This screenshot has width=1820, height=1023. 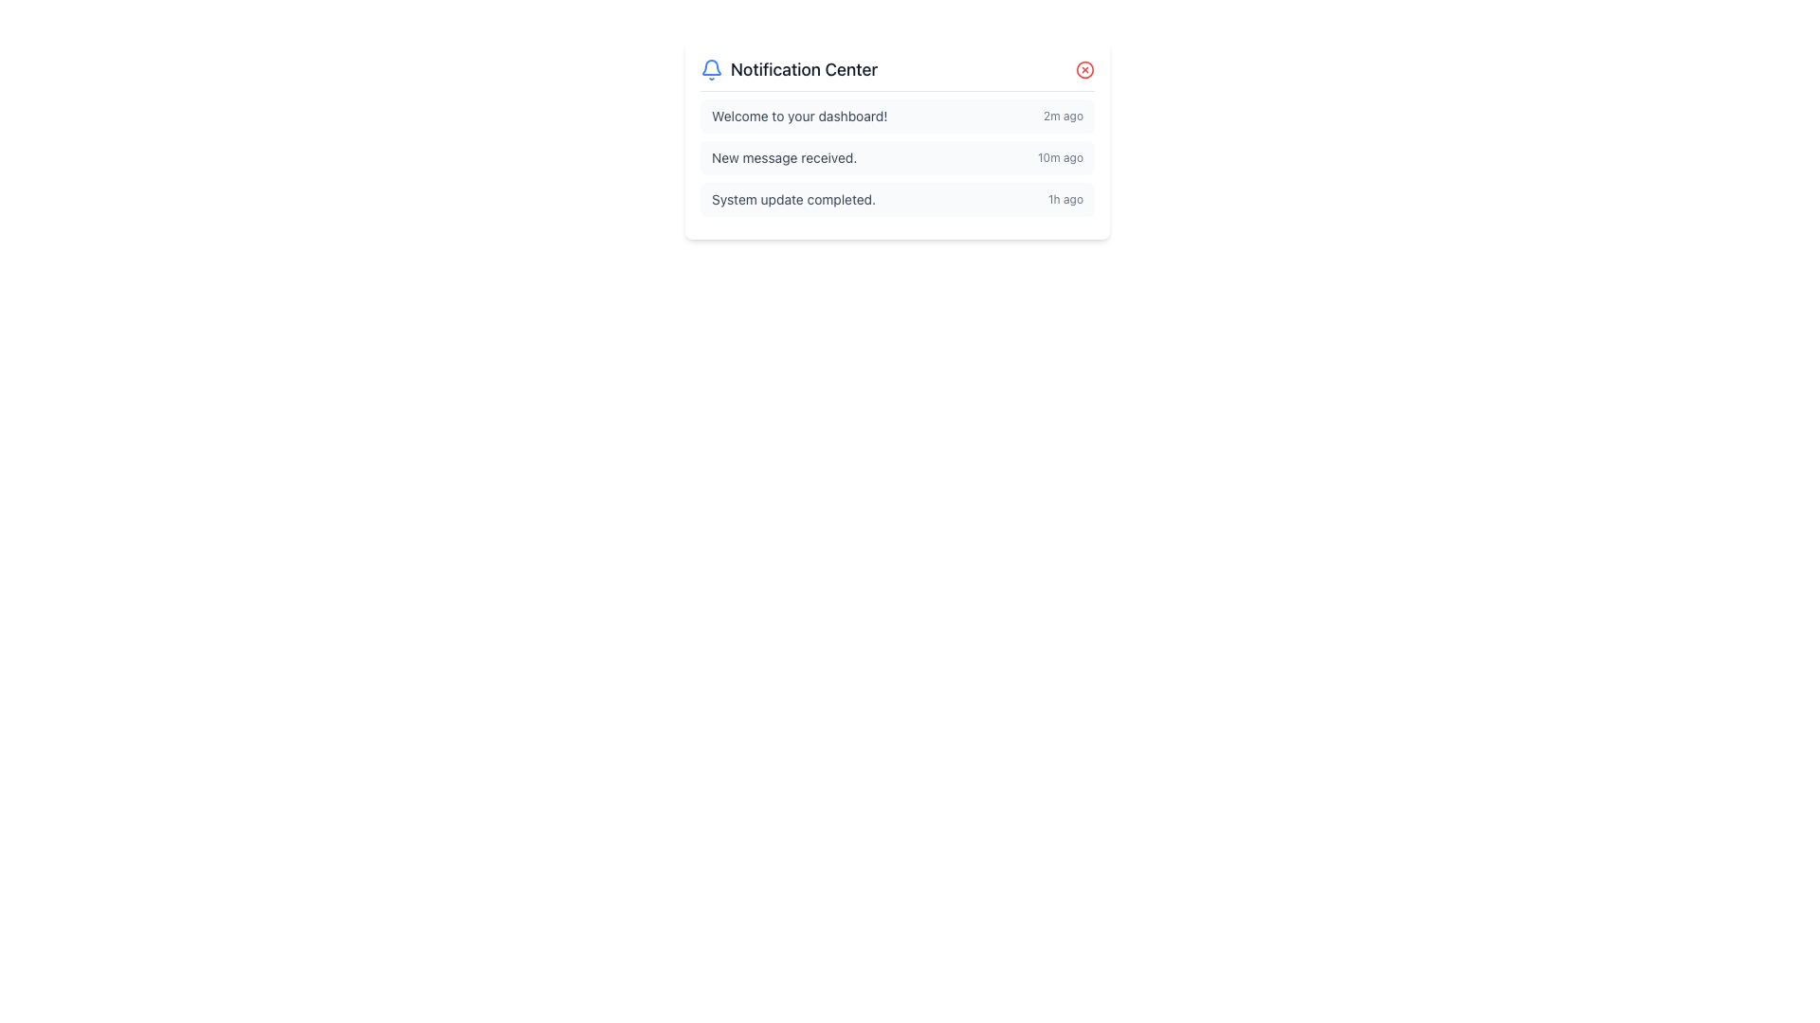 I want to click on the first notification entry in the Notification Center that displays 'Welcome to your dashboard!', so click(x=896, y=117).